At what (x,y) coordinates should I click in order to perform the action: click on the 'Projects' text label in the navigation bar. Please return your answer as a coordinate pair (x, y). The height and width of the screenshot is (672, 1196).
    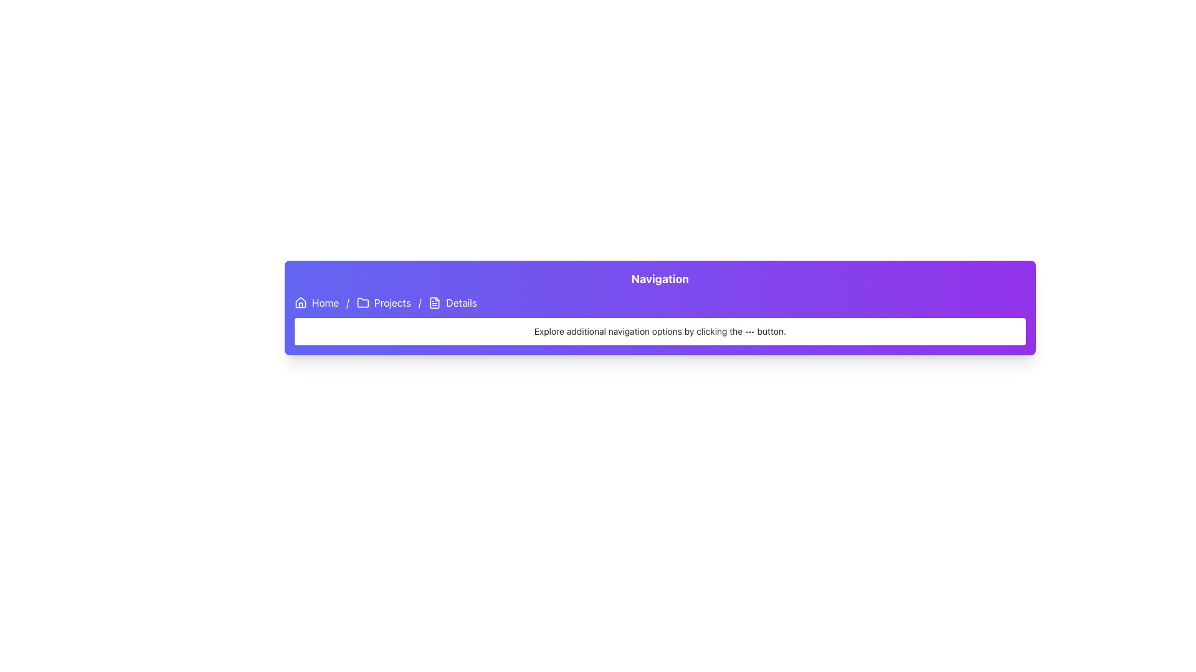
    Looking at the image, I should click on (392, 302).